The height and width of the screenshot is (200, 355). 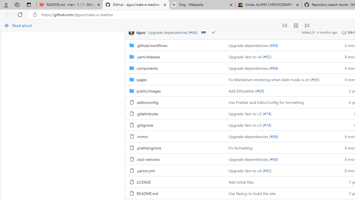 I want to click on '.prettierignore, (File)', so click(x=149, y=147).